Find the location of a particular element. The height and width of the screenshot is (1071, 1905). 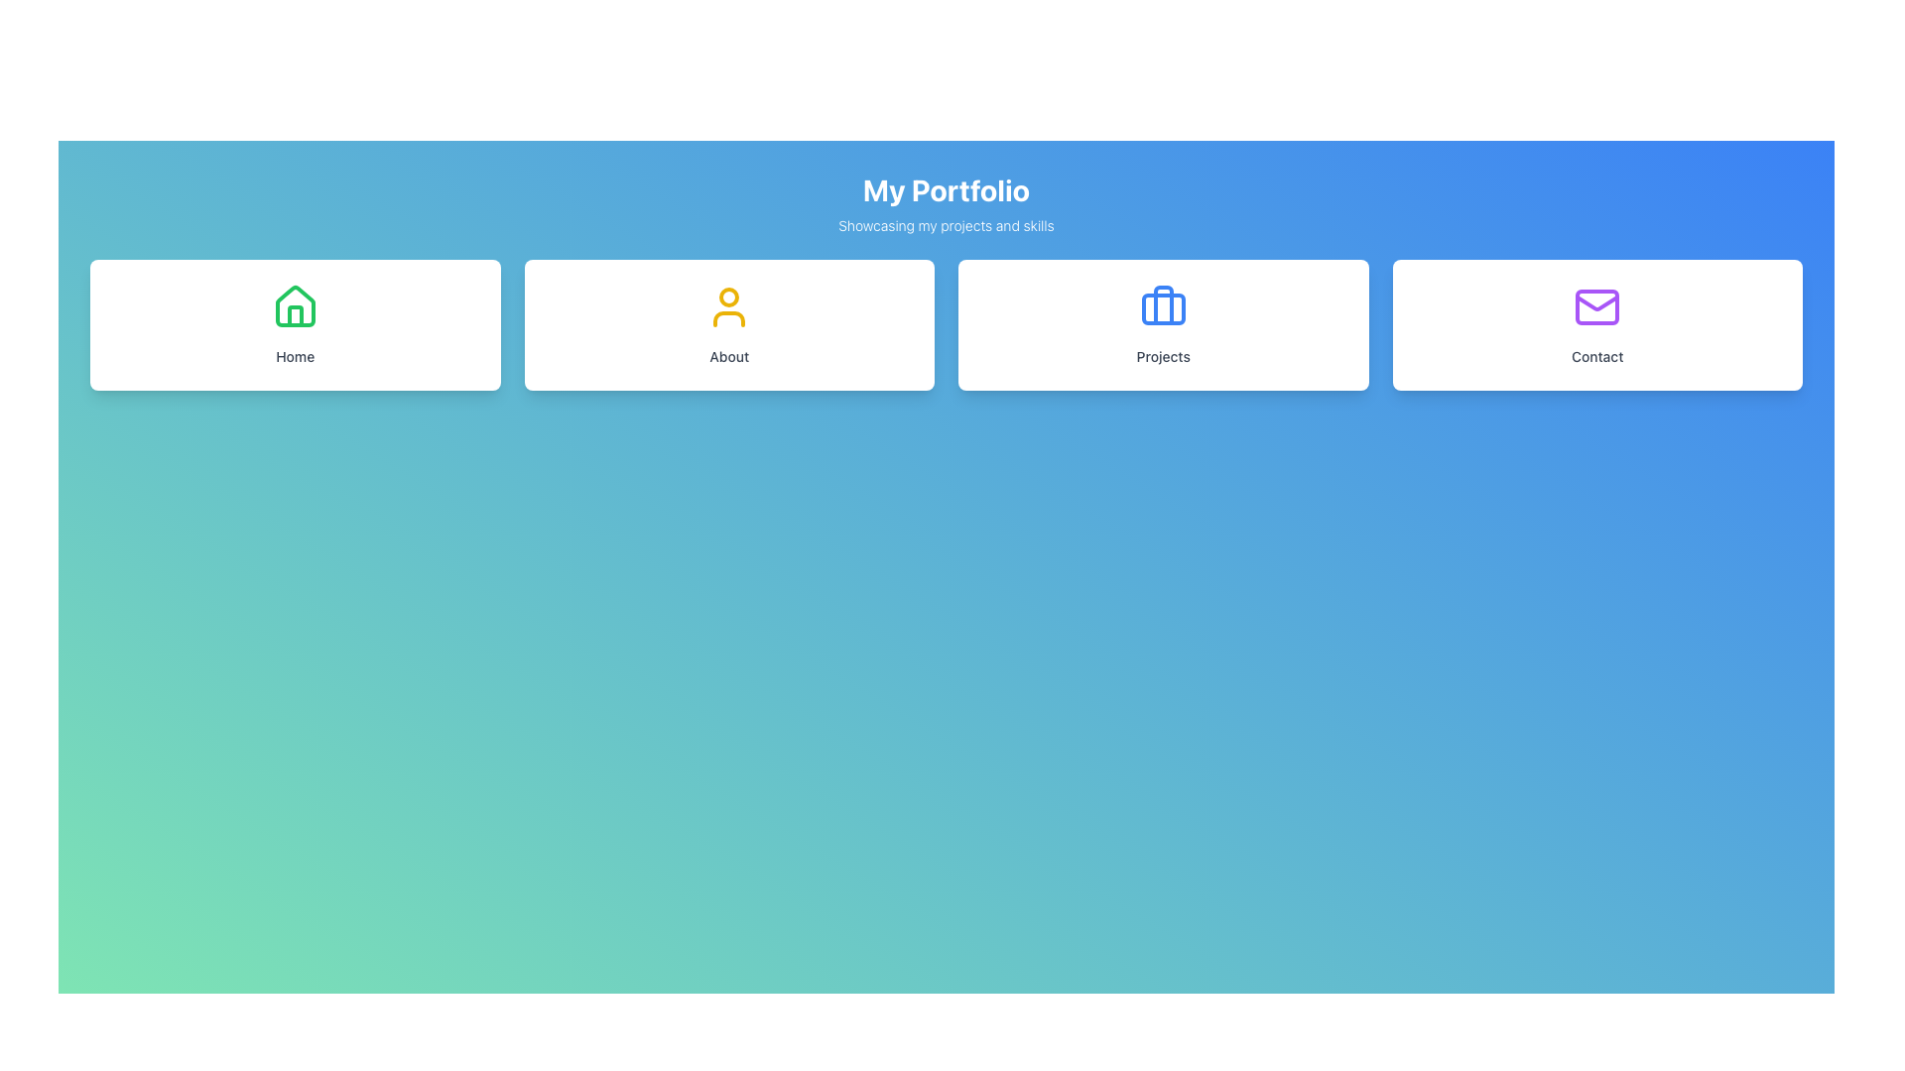

subtitle text element providing context for the 'My Portfolio' section, located directly below the title is located at coordinates (946, 224).